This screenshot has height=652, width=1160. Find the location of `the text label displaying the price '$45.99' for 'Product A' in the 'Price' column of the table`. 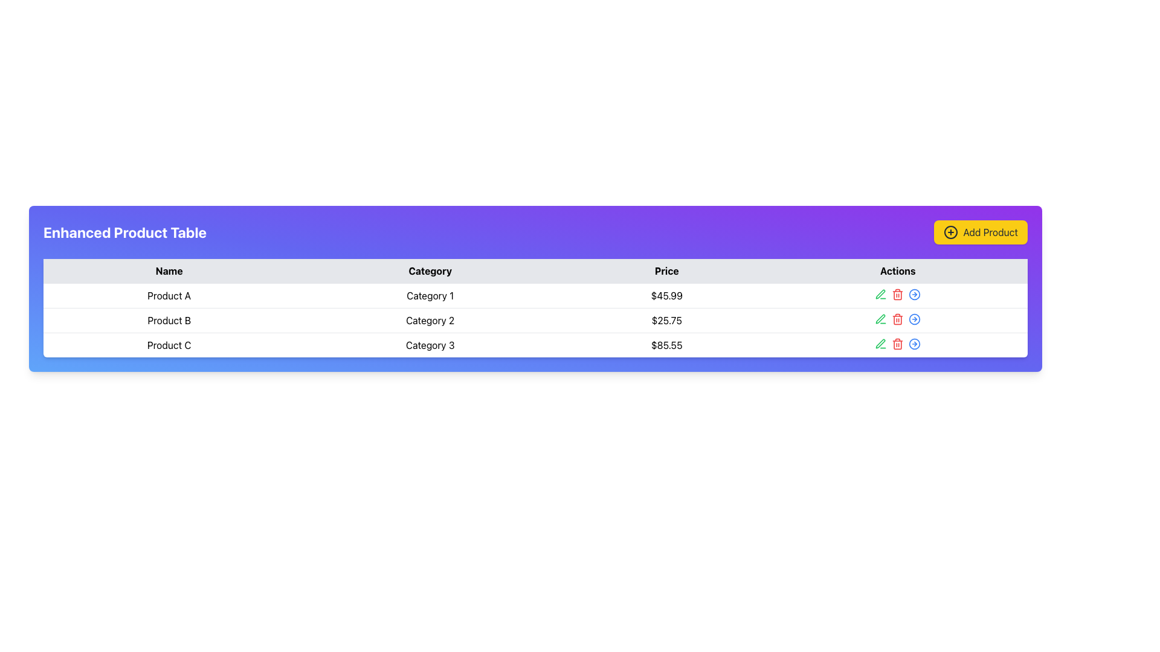

the text label displaying the price '$45.99' for 'Product A' in the 'Price' column of the table is located at coordinates (666, 295).